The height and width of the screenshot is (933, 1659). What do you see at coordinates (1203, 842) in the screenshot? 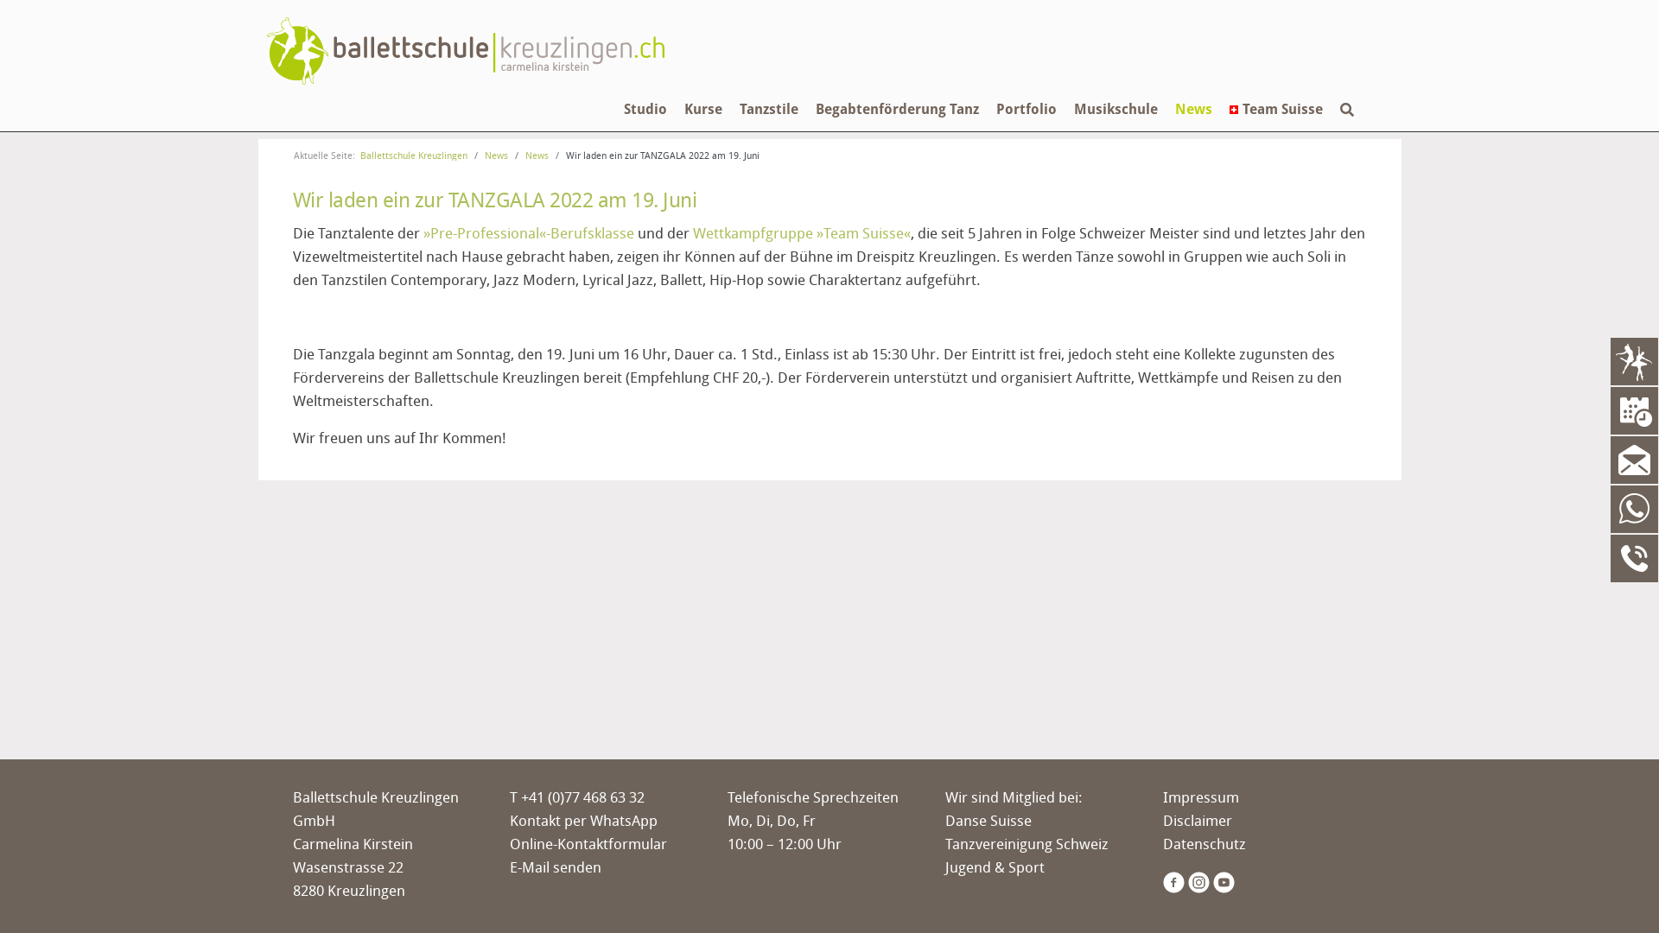
I see `'Datenschutz'` at bounding box center [1203, 842].